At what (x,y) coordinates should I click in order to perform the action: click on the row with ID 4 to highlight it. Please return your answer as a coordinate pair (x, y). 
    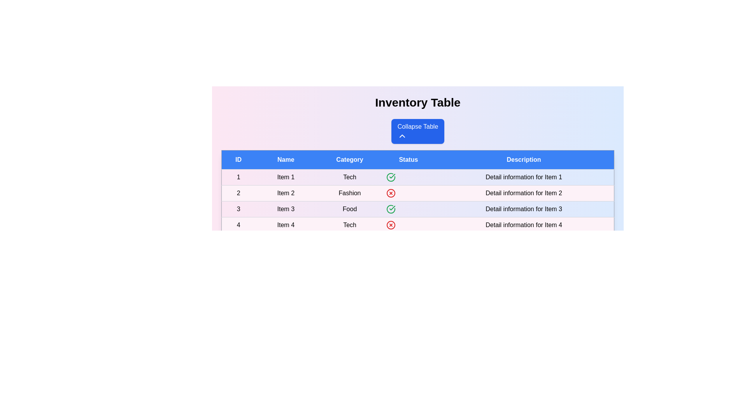
    Looking at the image, I should click on (417, 225).